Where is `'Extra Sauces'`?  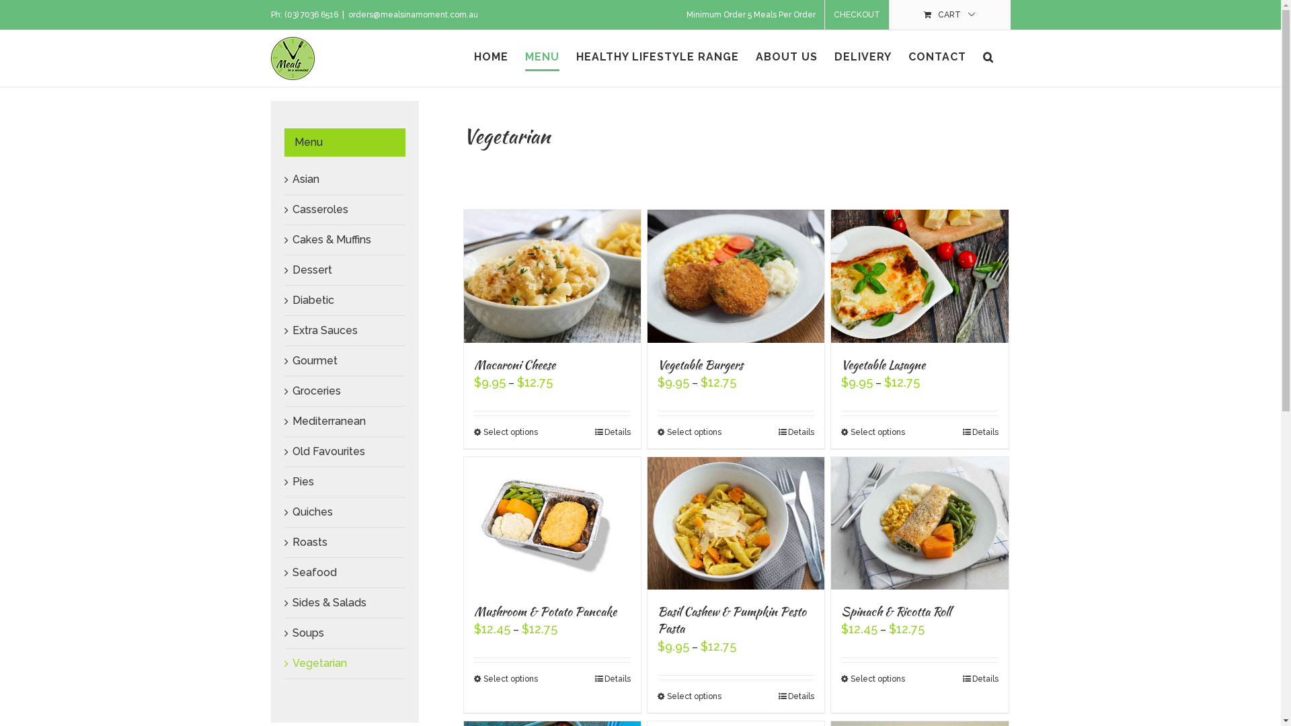
'Extra Sauces' is located at coordinates (324, 330).